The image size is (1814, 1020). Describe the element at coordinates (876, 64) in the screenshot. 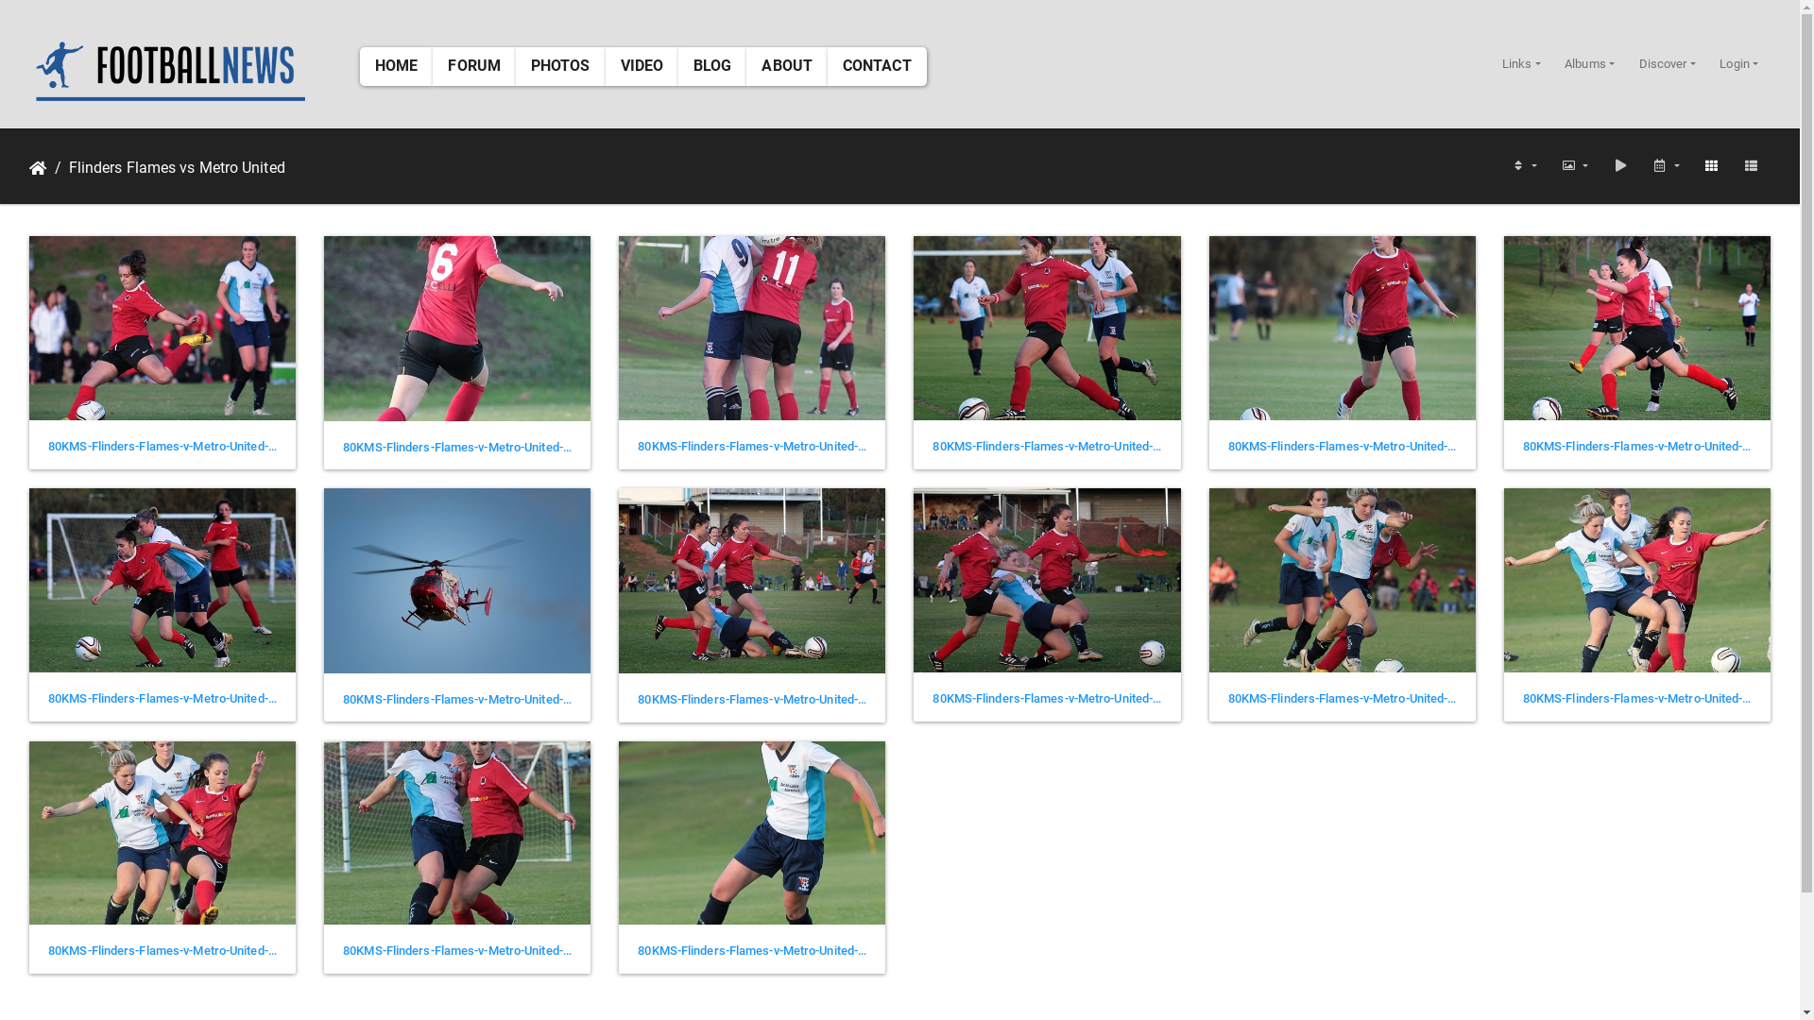

I see `'CONTACT'` at that location.